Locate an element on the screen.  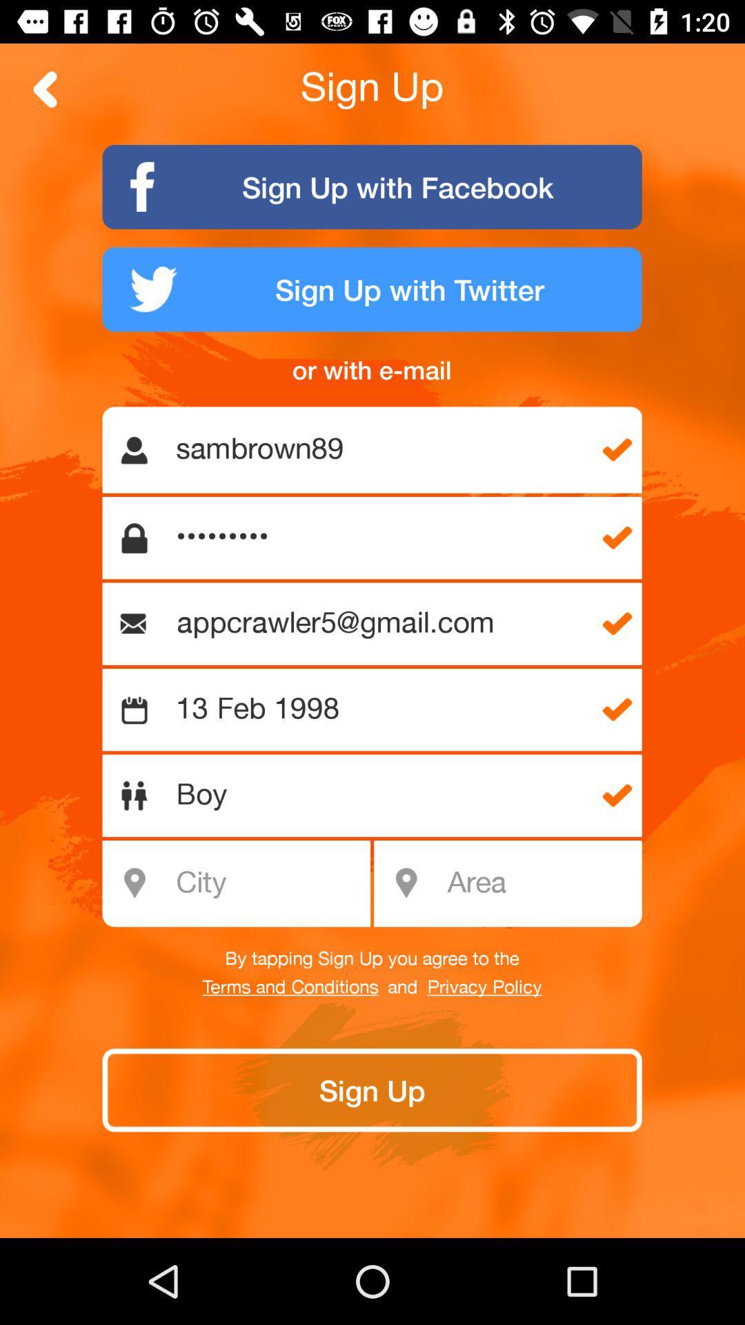
the item to the right of the and icon is located at coordinates (484, 987).